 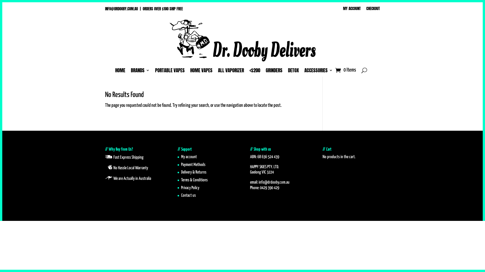 What do you see at coordinates (250, 71) in the screenshot?
I see `'<$200'` at bounding box center [250, 71].